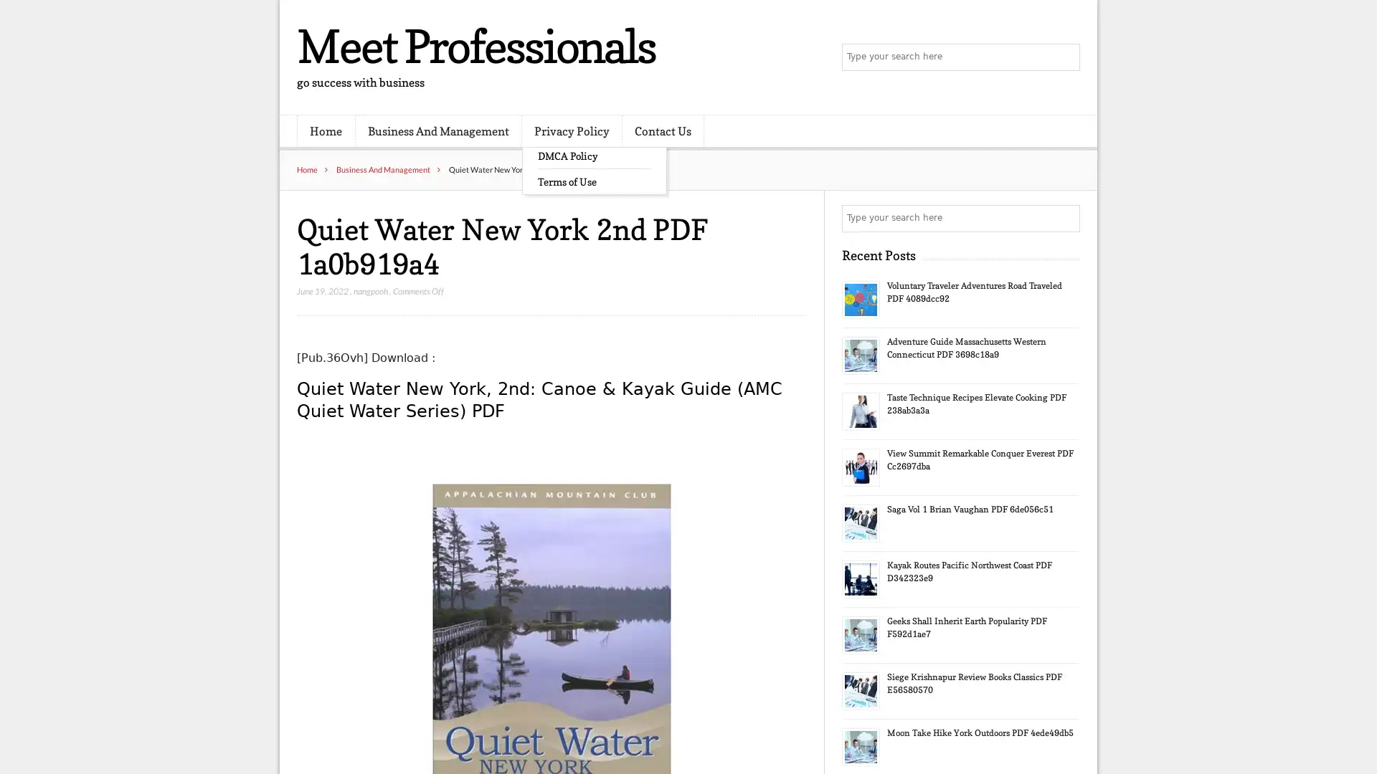 This screenshot has width=1377, height=774. I want to click on Search, so click(1065, 218).